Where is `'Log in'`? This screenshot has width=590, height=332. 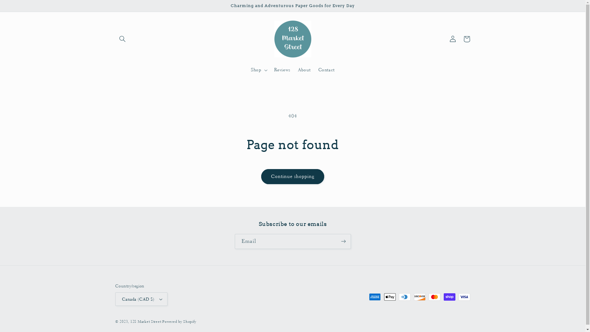 'Log in' is located at coordinates (453, 39).